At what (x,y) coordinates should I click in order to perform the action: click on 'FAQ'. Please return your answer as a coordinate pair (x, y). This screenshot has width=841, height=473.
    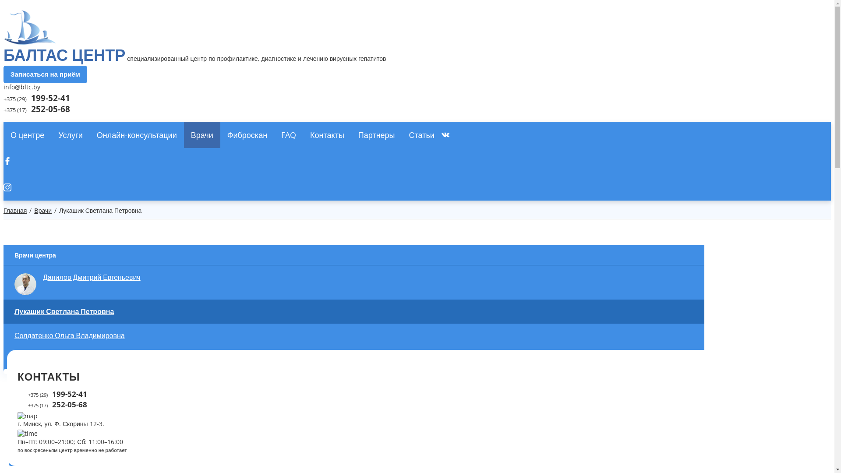
    Looking at the image, I should click on (288, 135).